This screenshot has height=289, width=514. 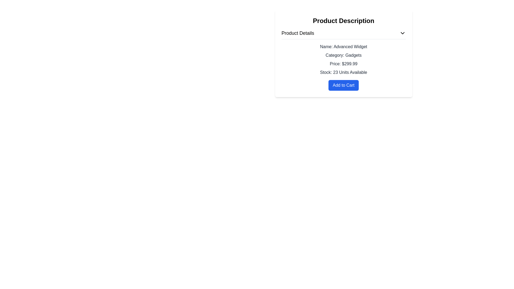 I want to click on the downward-pointing chevron arrow icon button located to the right of the 'Product Details' section header, so click(x=402, y=33).